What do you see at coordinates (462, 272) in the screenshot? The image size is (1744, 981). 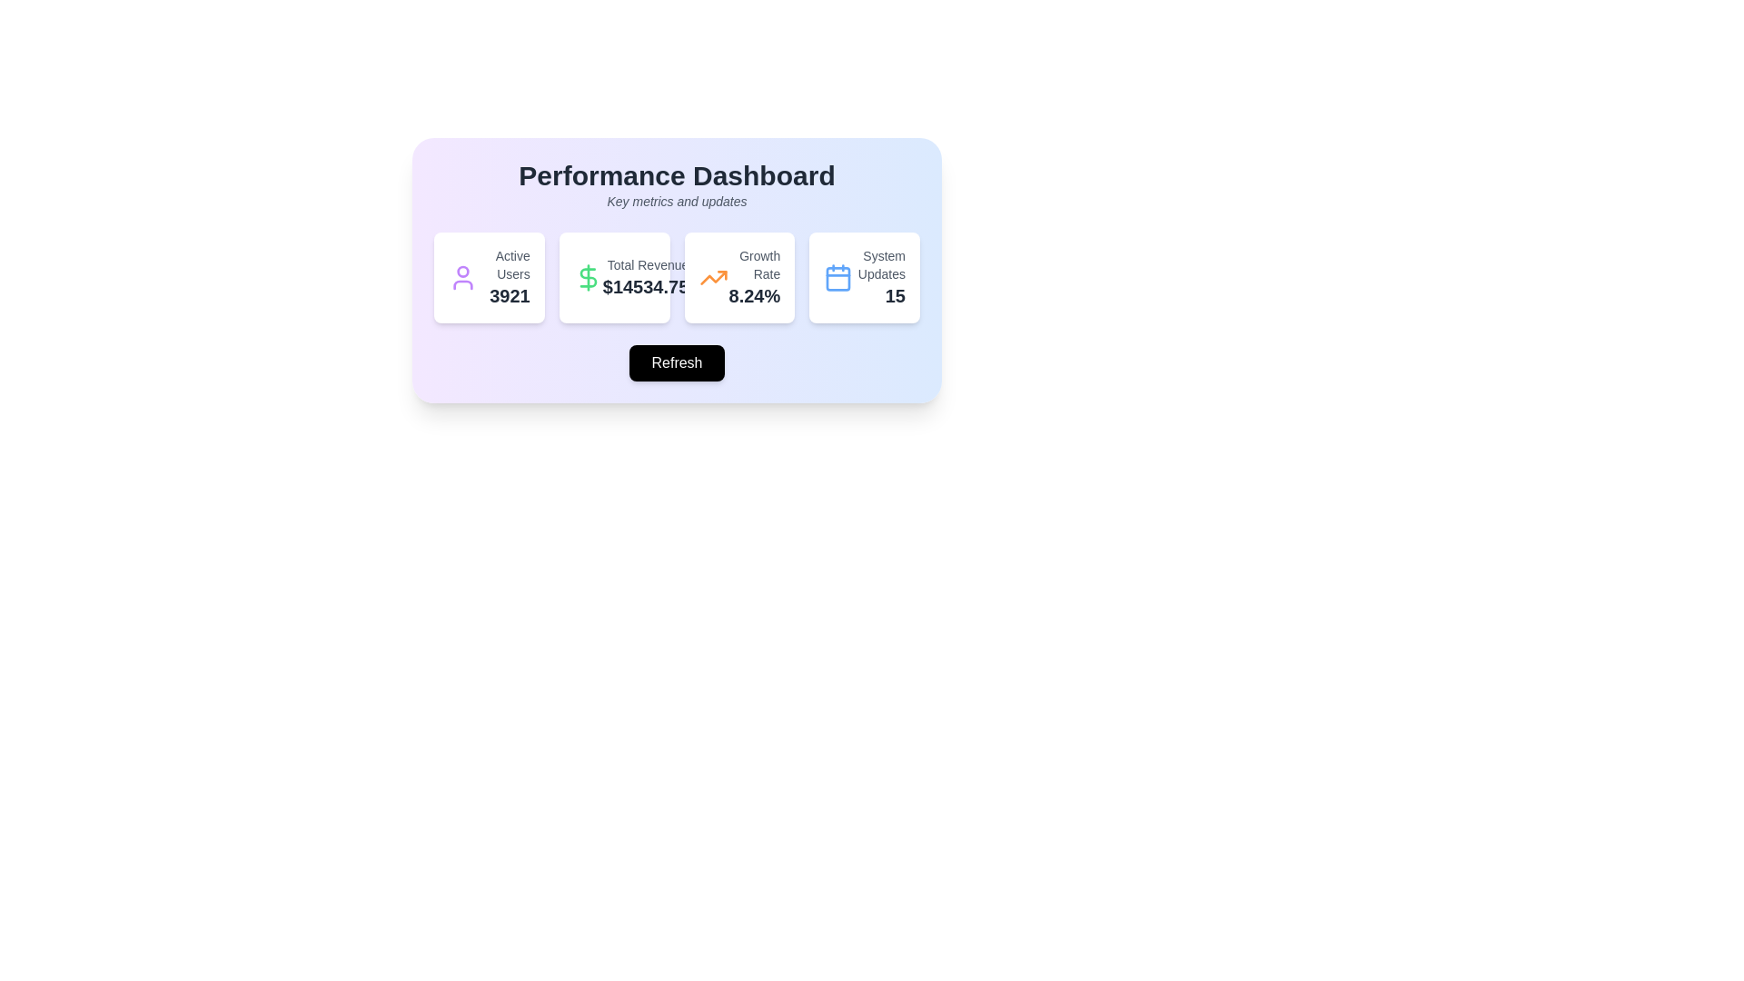 I see `the circular graphical component located in the upper part of the user icon graphic on the leftmost card displaying 'Active Users' statistics` at bounding box center [462, 272].